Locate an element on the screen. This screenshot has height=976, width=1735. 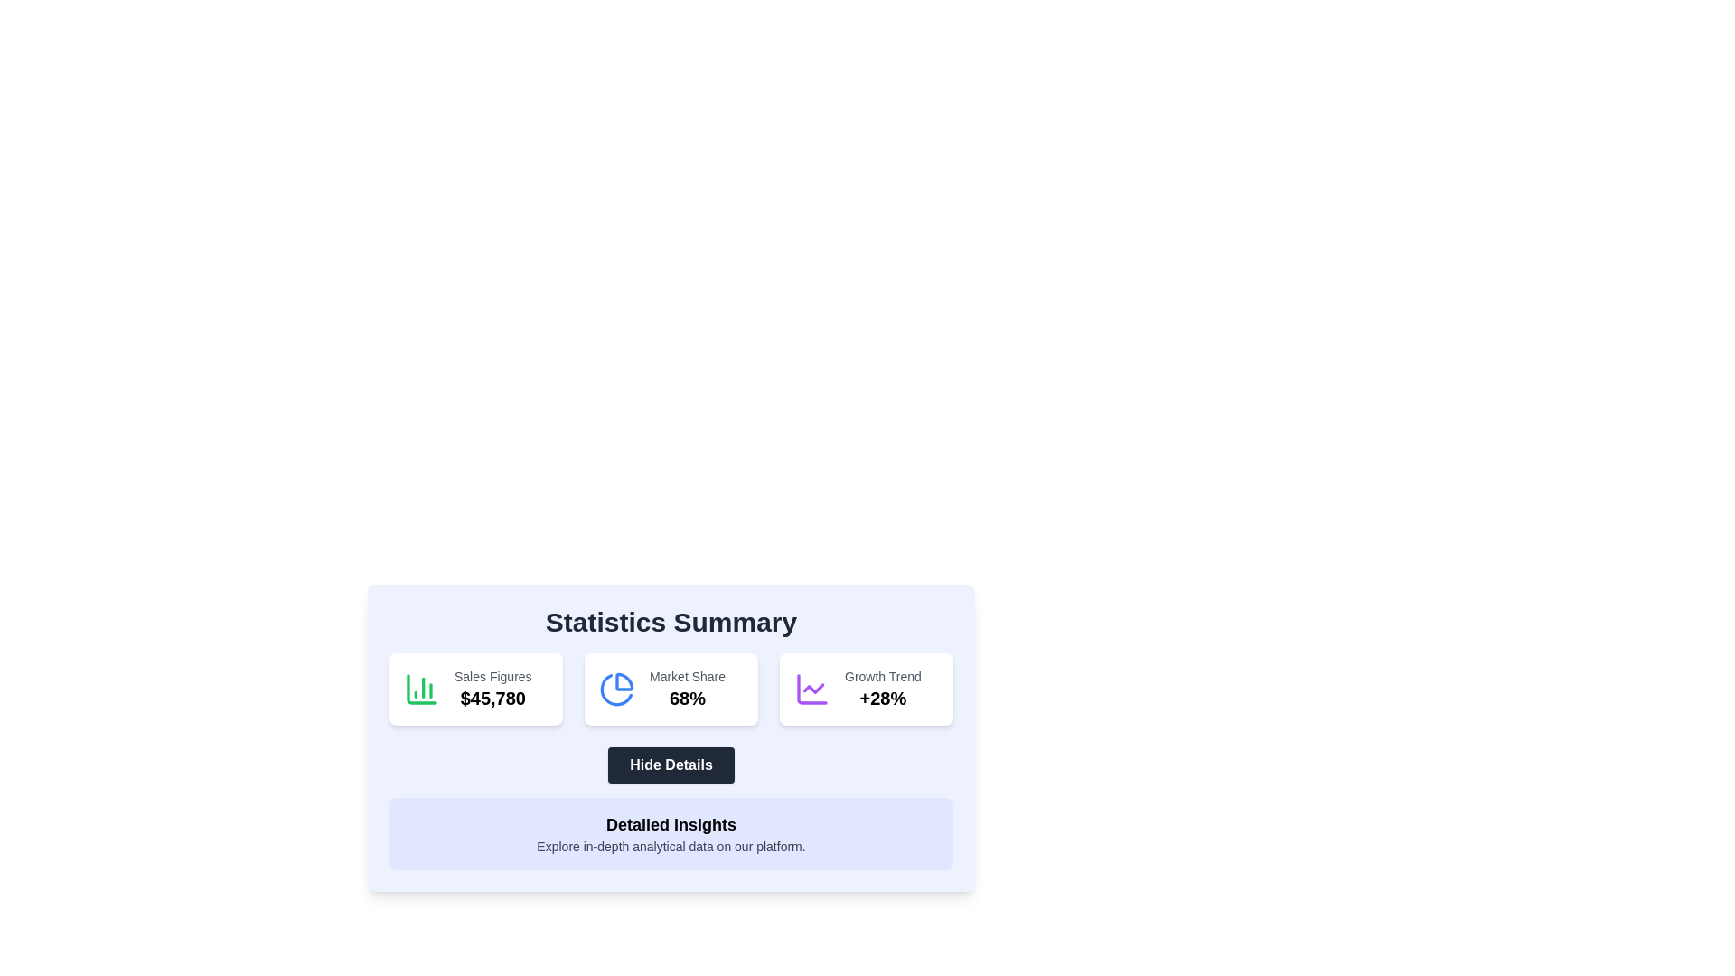
the rightmost vector graphic element within the SVG that visually represents a growth trend statistic, located in the 'Statistics Summary' section is located at coordinates (812, 689).